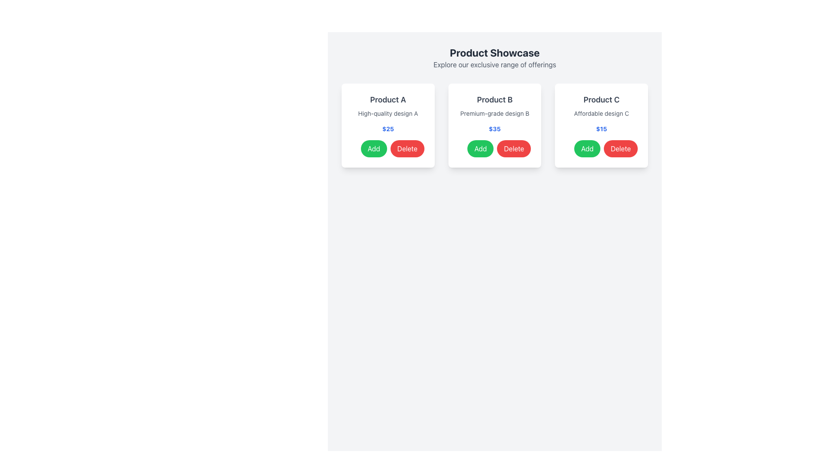 The width and height of the screenshot is (824, 463). What do you see at coordinates (621, 148) in the screenshot?
I see `the delete button located in the lower right corner of the card for Product C` at bounding box center [621, 148].